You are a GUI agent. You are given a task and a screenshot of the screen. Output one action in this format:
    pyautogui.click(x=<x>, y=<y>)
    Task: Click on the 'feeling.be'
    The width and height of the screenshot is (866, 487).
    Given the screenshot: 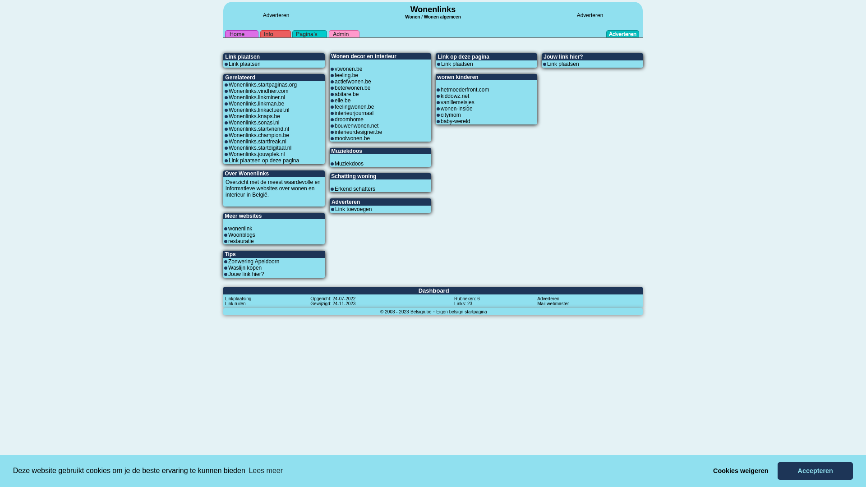 What is the action you would take?
    pyautogui.click(x=346, y=74)
    